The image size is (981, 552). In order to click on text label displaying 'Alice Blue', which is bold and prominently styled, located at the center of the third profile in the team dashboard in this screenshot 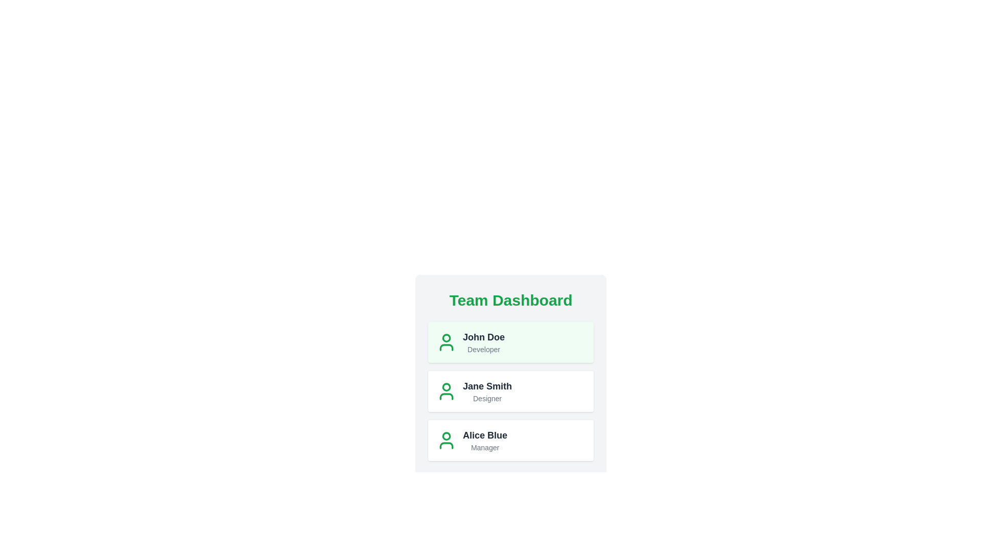, I will do `click(484, 435)`.